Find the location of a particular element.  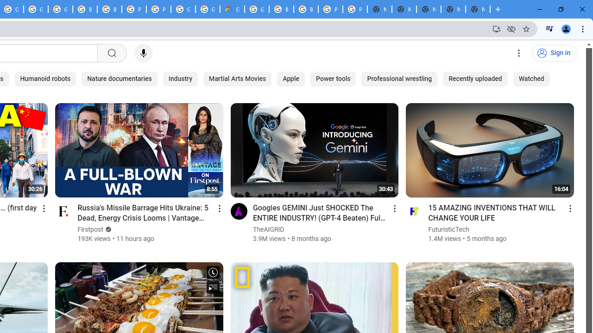

'Go to channel' is located at coordinates (414, 211).